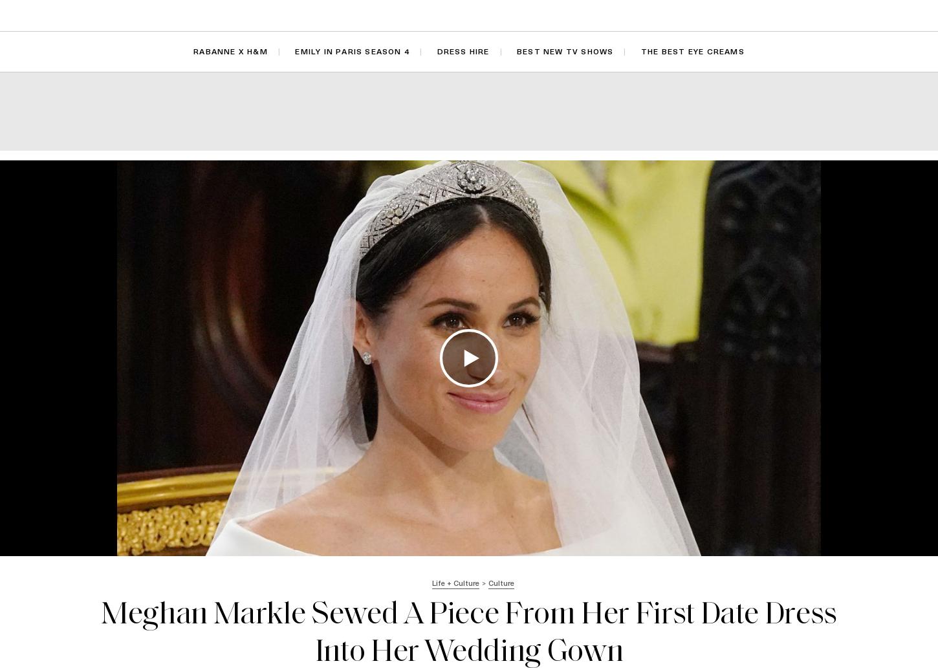 The image size is (938, 668). Describe the element at coordinates (827, 15) in the screenshot. I see `'Newsletter'` at that location.